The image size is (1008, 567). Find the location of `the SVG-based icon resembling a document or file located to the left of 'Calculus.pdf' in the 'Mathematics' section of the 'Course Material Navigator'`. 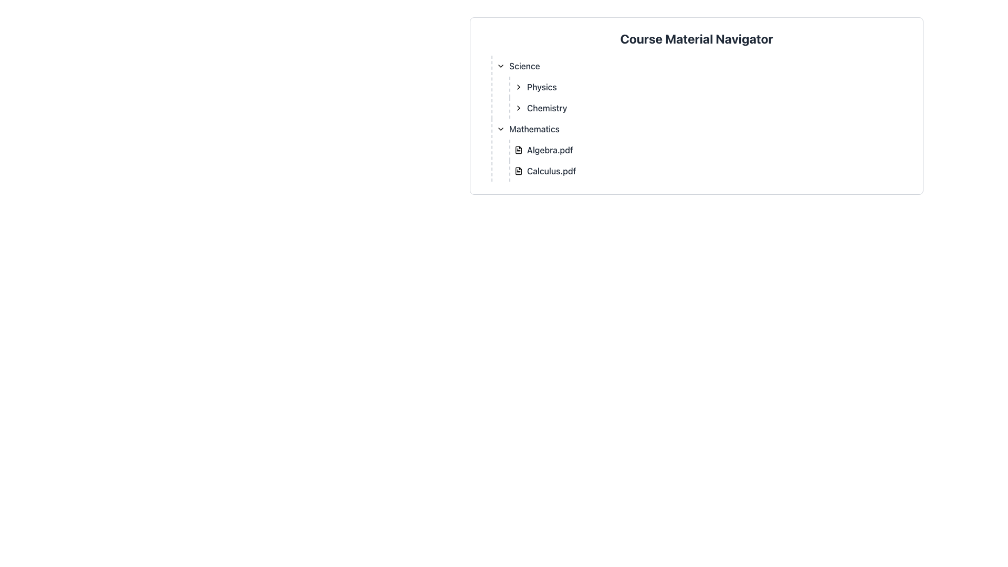

the SVG-based icon resembling a document or file located to the left of 'Calculus.pdf' in the 'Mathematics' section of the 'Course Material Navigator' is located at coordinates (519, 171).